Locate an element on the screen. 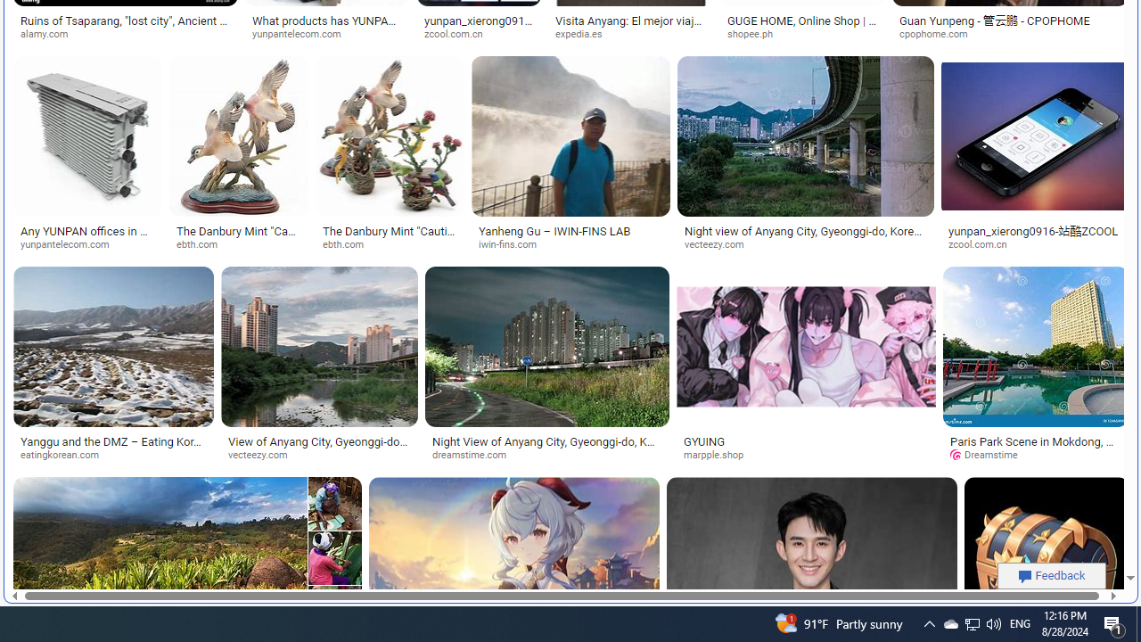 The image size is (1141, 642). 'eatingkorean.com' is located at coordinates (66, 454).